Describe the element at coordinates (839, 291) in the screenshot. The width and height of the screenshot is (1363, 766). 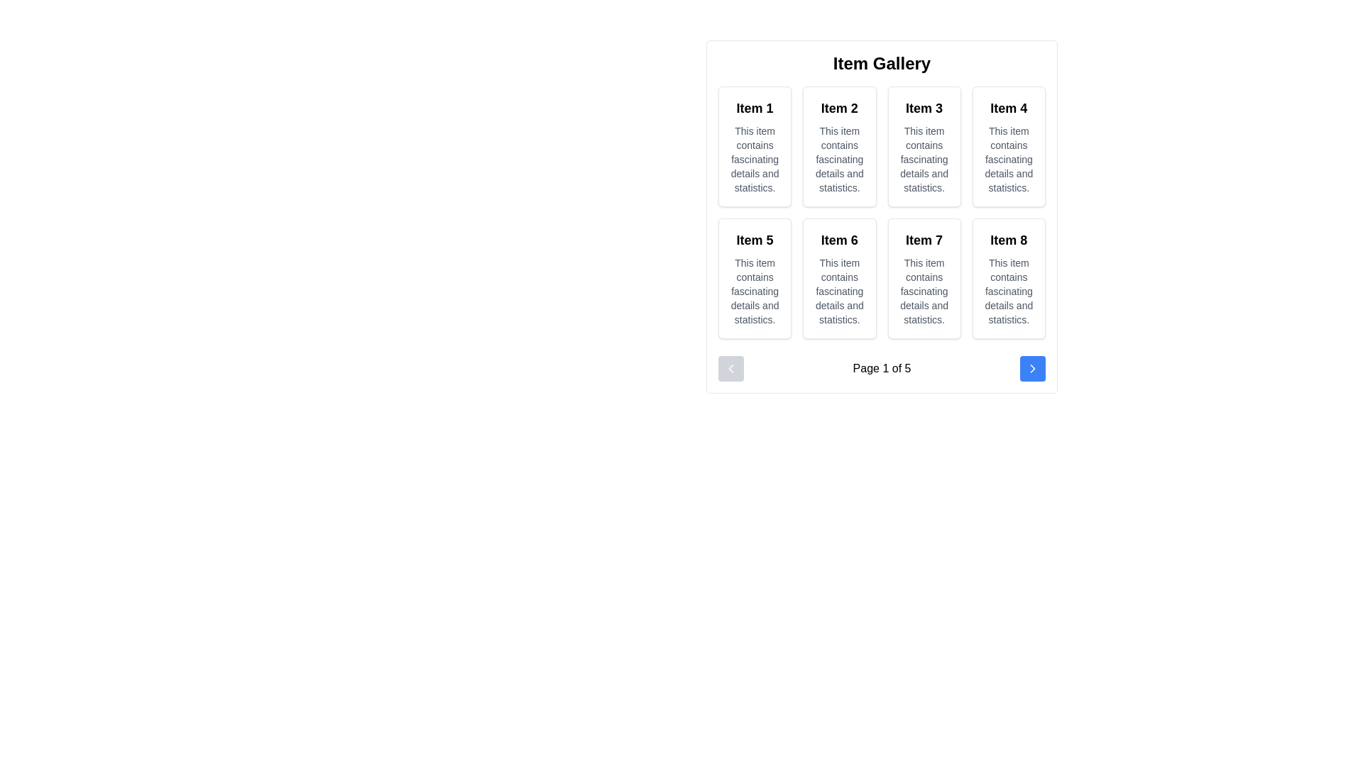
I see `the descriptive text inside the card labeled 'Item 6', located in the second row, second column of the grid layout` at that location.